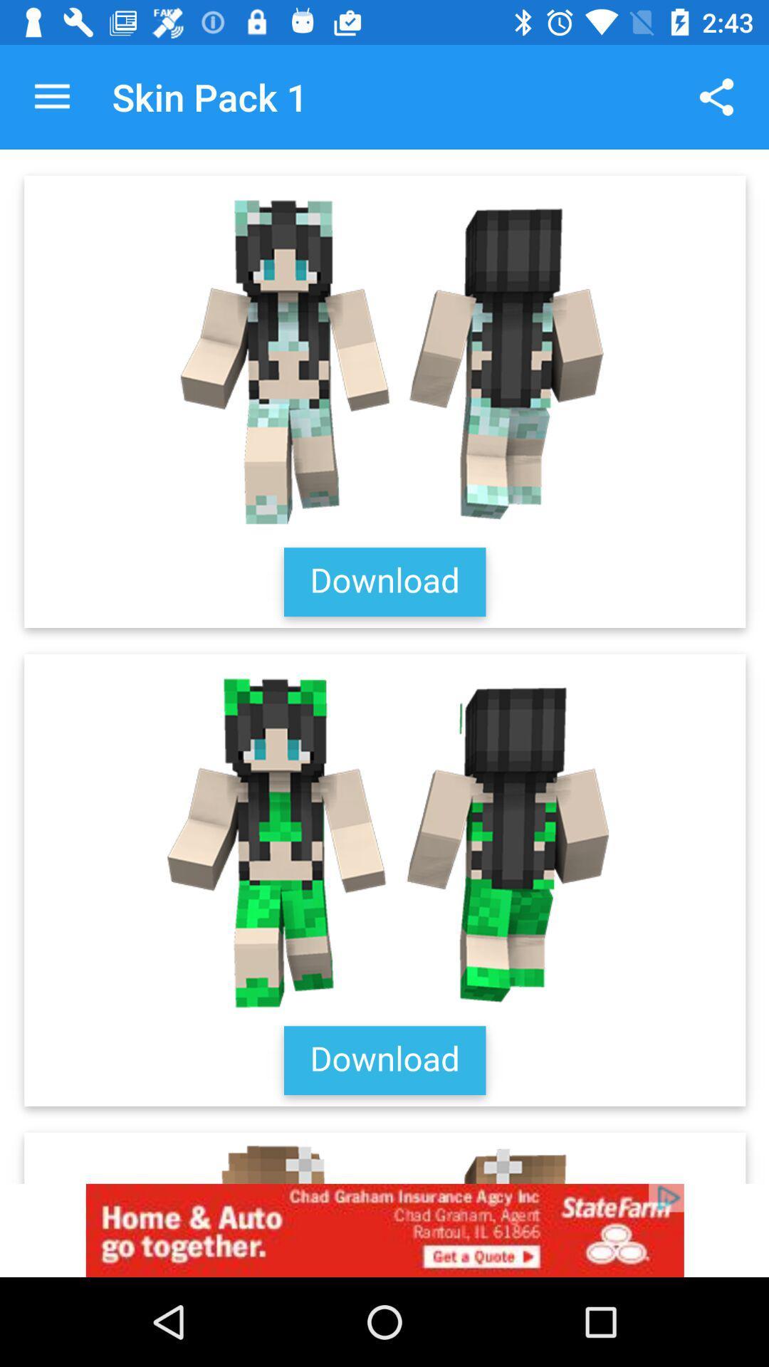 This screenshot has width=769, height=1367. What do you see at coordinates (384, 666) in the screenshot?
I see `download skin pack` at bounding box center [384, 666].